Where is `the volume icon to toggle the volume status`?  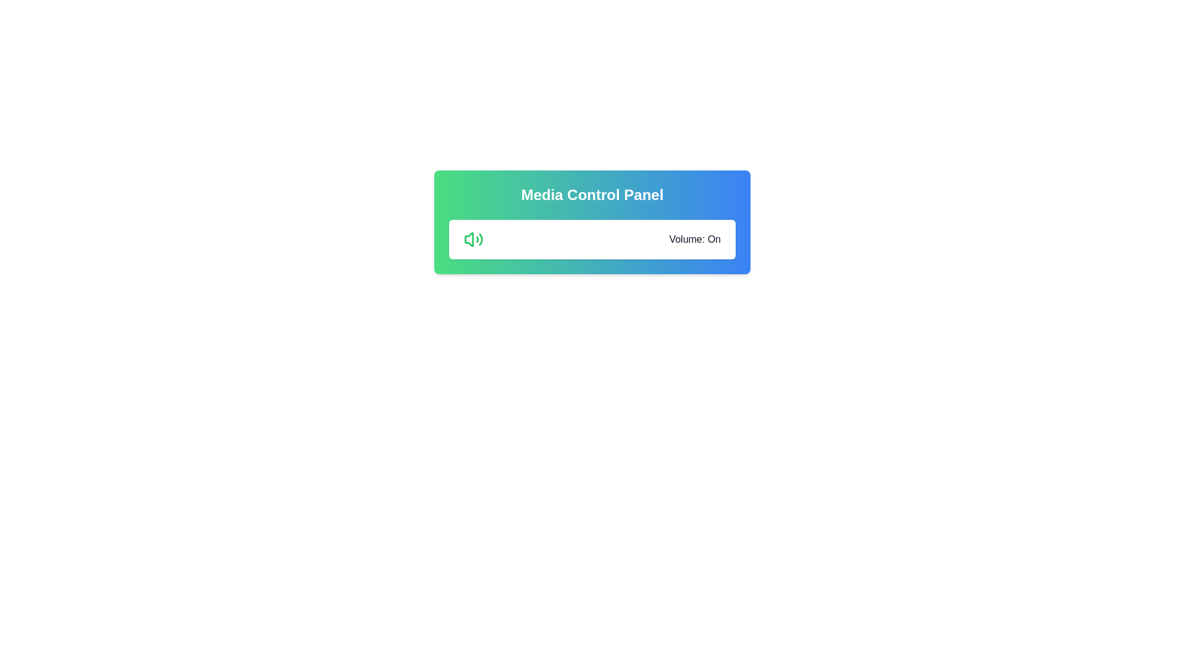
the volume icon to toggle the volume status is located at coordinates (473, 240).